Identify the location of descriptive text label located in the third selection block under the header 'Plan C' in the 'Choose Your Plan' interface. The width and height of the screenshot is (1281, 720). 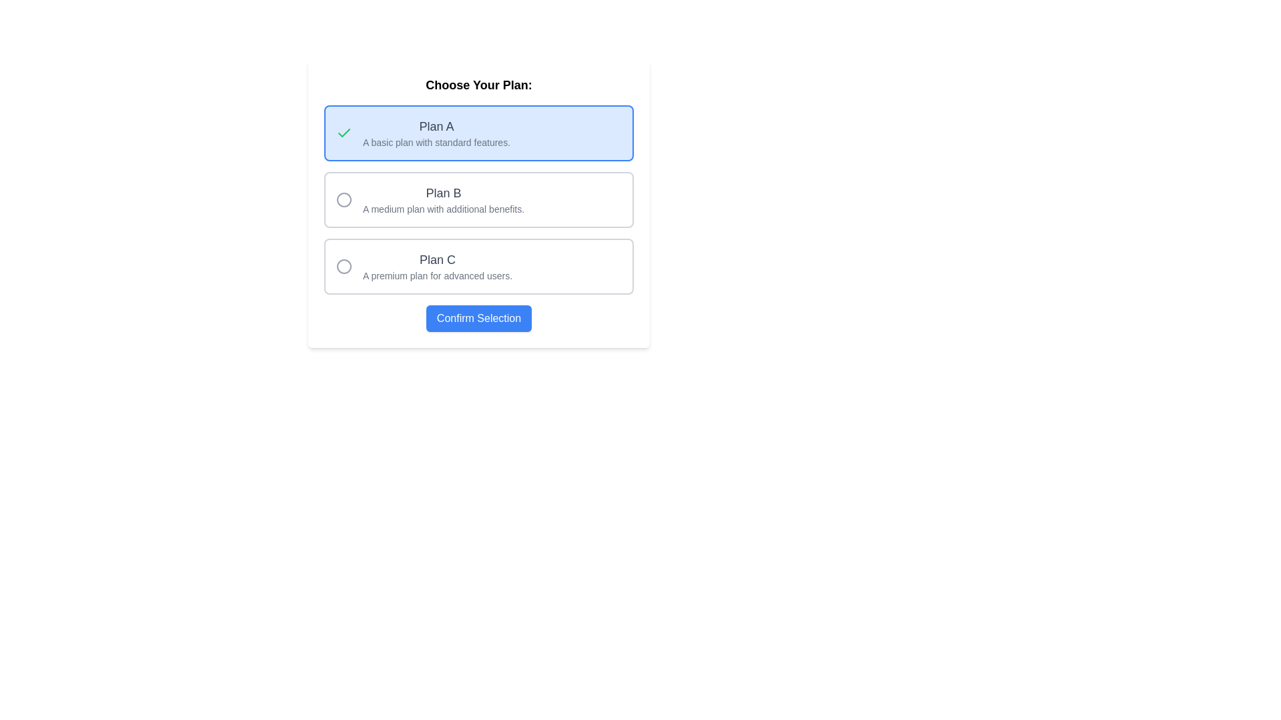
(438, 275).